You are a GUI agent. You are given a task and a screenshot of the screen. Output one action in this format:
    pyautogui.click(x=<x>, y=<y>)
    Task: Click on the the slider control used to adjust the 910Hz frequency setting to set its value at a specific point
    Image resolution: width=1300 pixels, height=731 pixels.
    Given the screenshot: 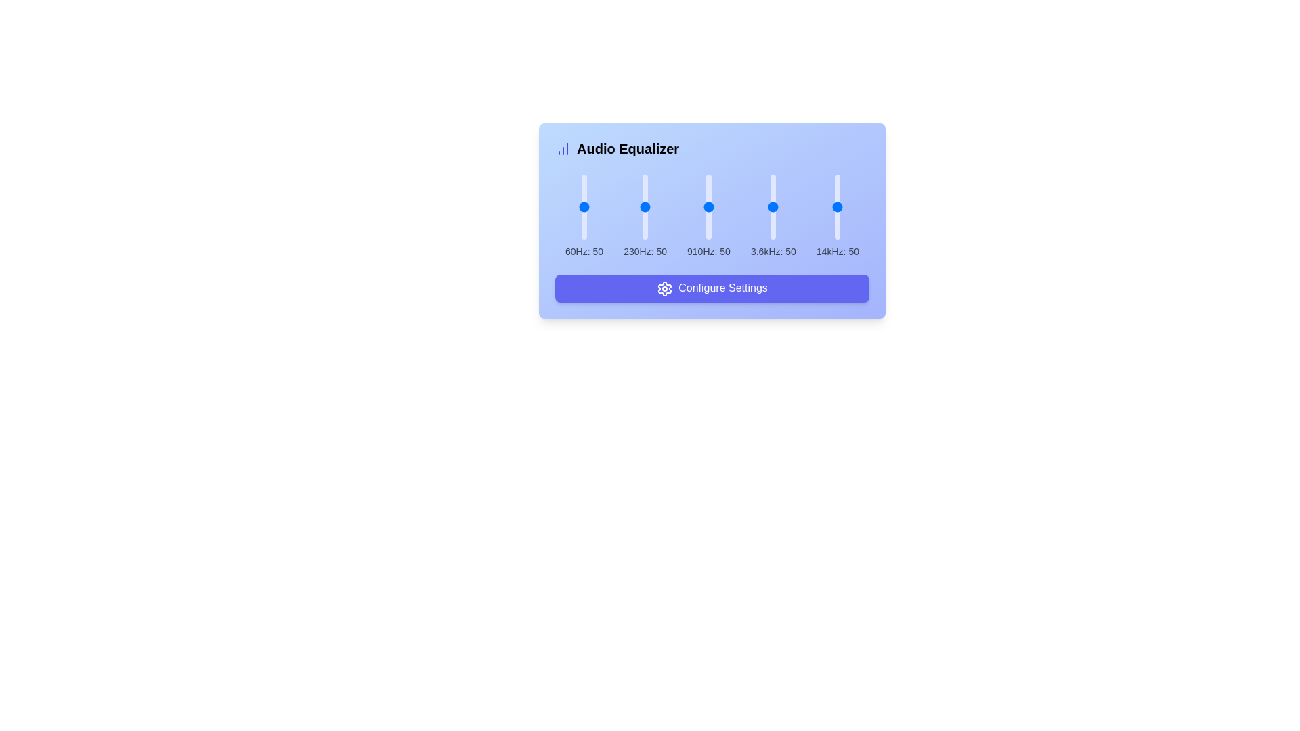 What is the action you would take?
    pyautogui.click(x=708, y=216)
    